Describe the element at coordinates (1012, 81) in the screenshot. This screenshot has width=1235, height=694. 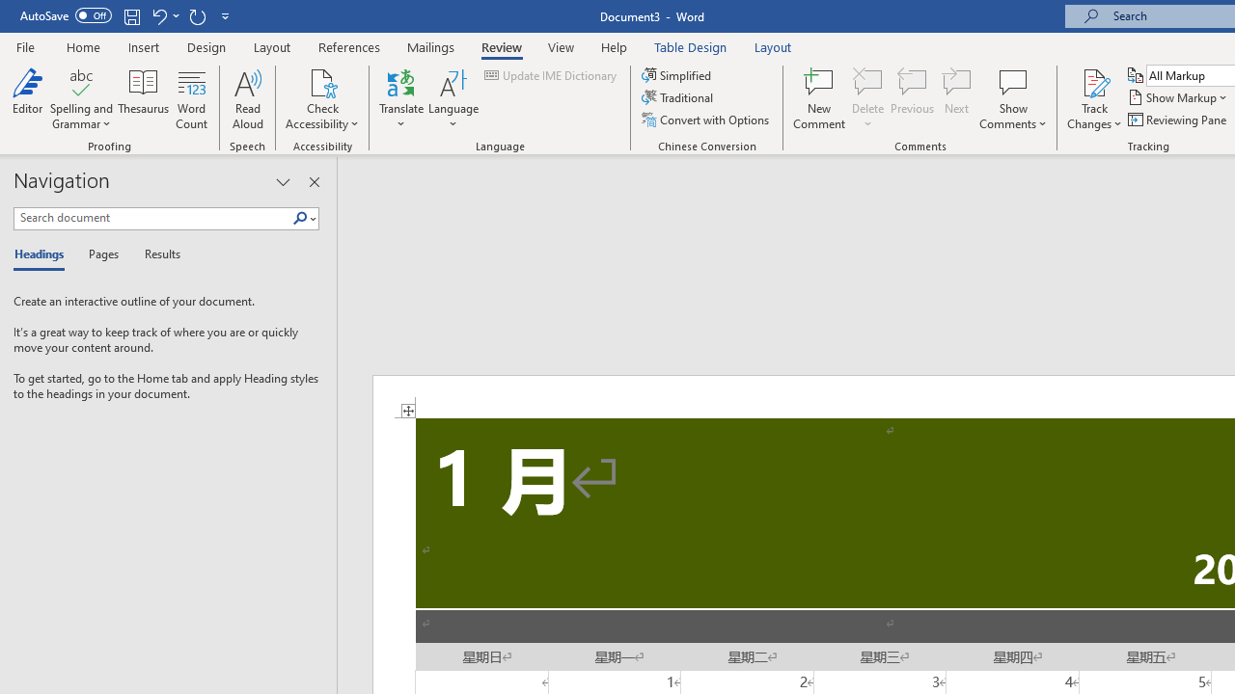
I see `'Show Comments'` at that location.